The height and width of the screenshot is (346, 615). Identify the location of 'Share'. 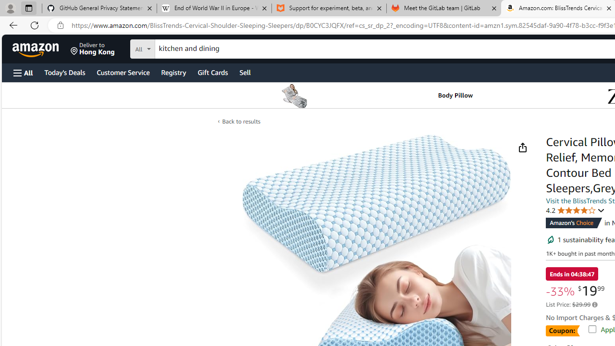
(522, 148).